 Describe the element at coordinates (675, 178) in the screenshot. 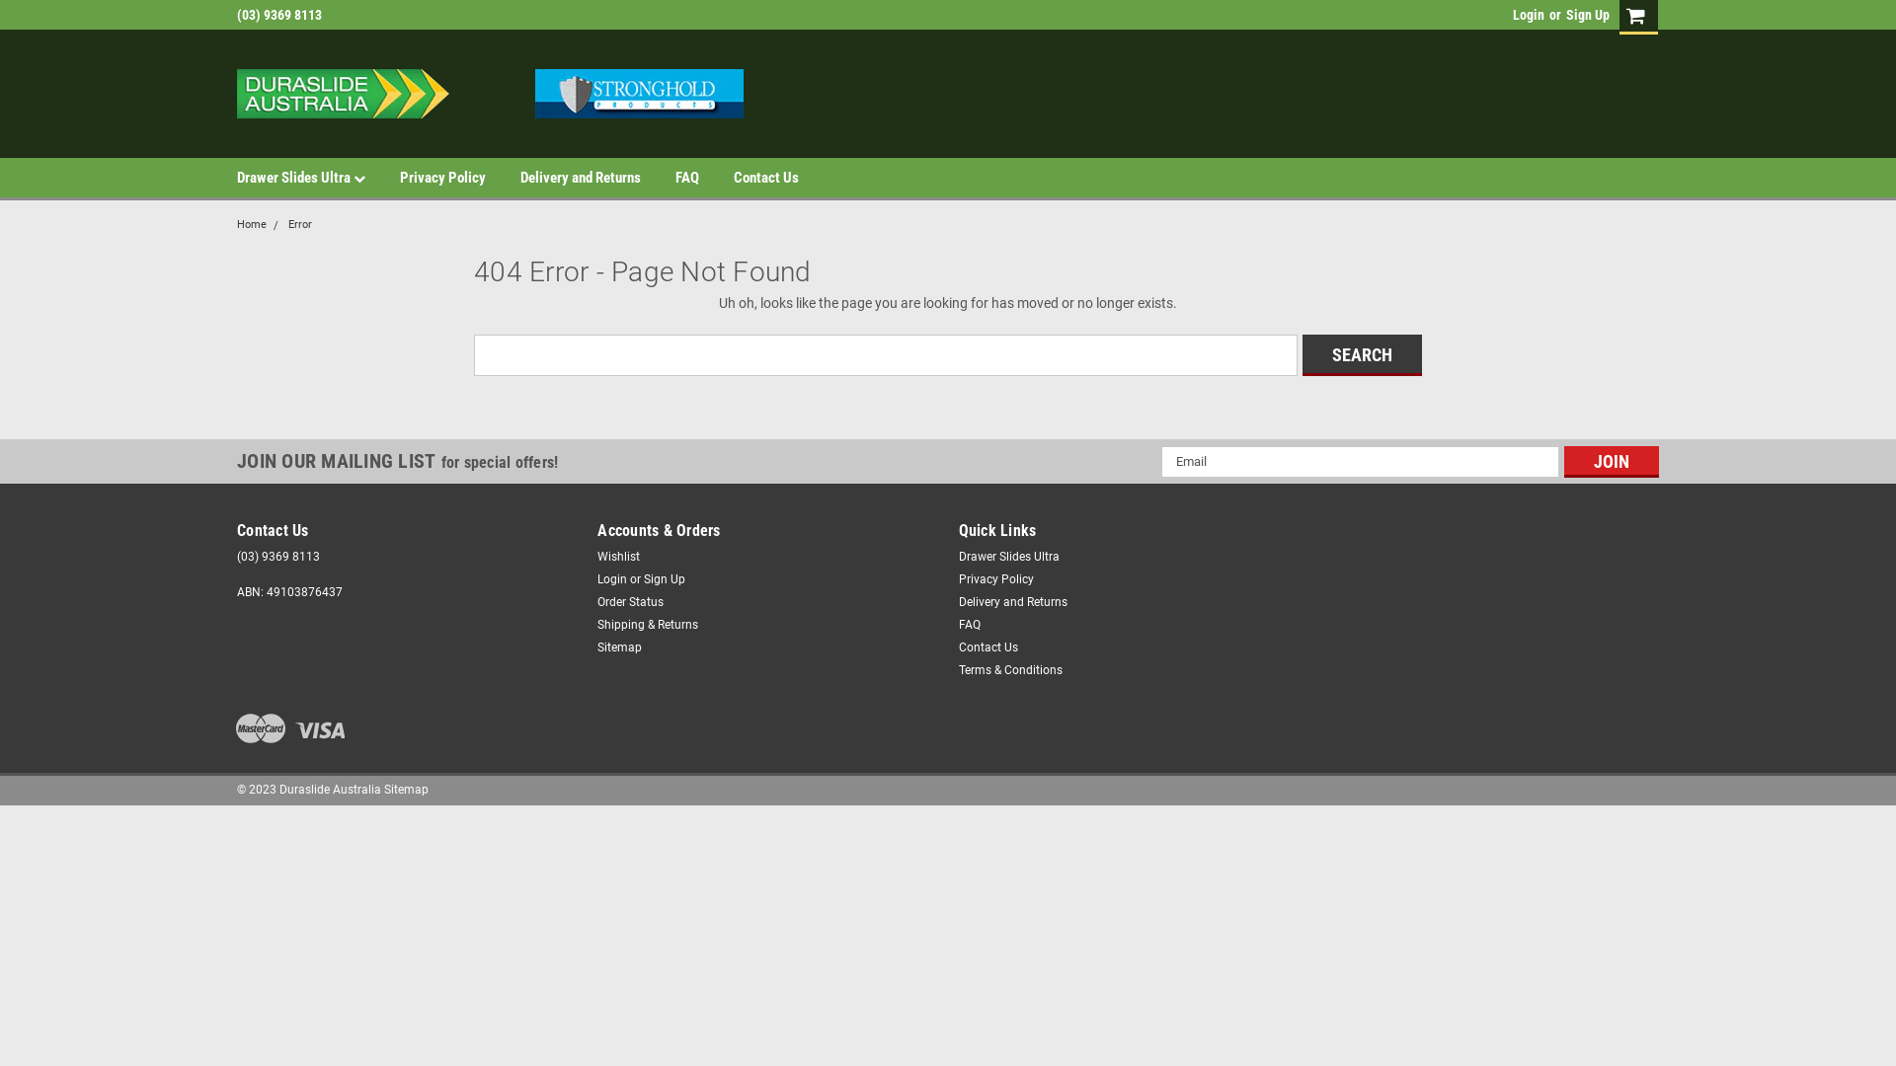

I see `'FAQ'` at that location.